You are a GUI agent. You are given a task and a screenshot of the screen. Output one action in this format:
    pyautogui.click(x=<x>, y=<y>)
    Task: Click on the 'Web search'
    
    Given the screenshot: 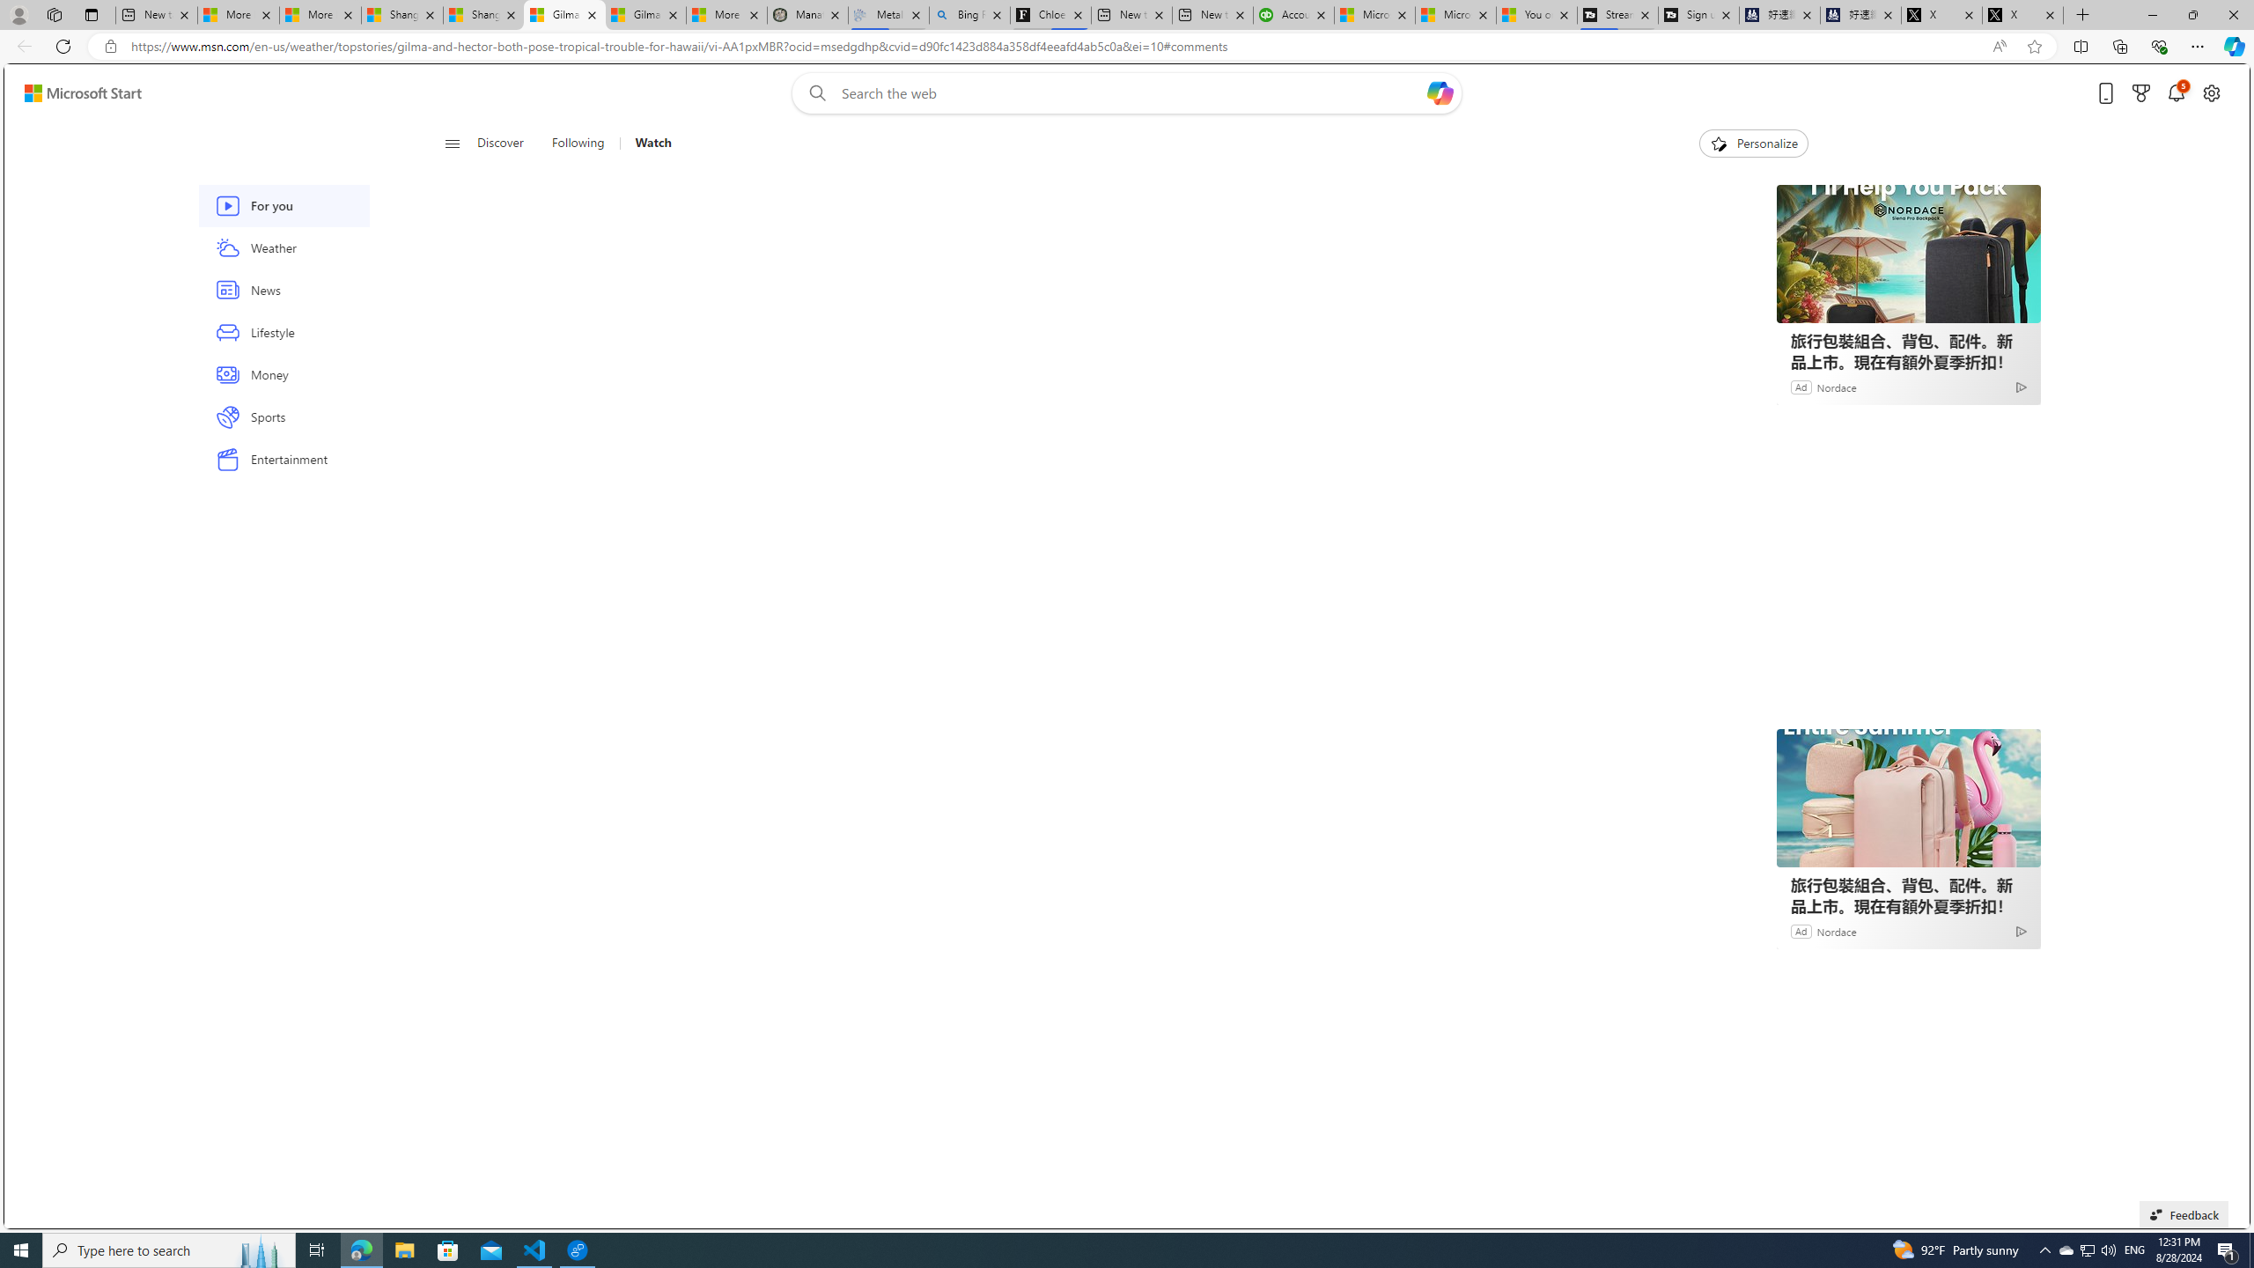 What is the action you would take?
    pyautogui.click(x=814, y=93)
    